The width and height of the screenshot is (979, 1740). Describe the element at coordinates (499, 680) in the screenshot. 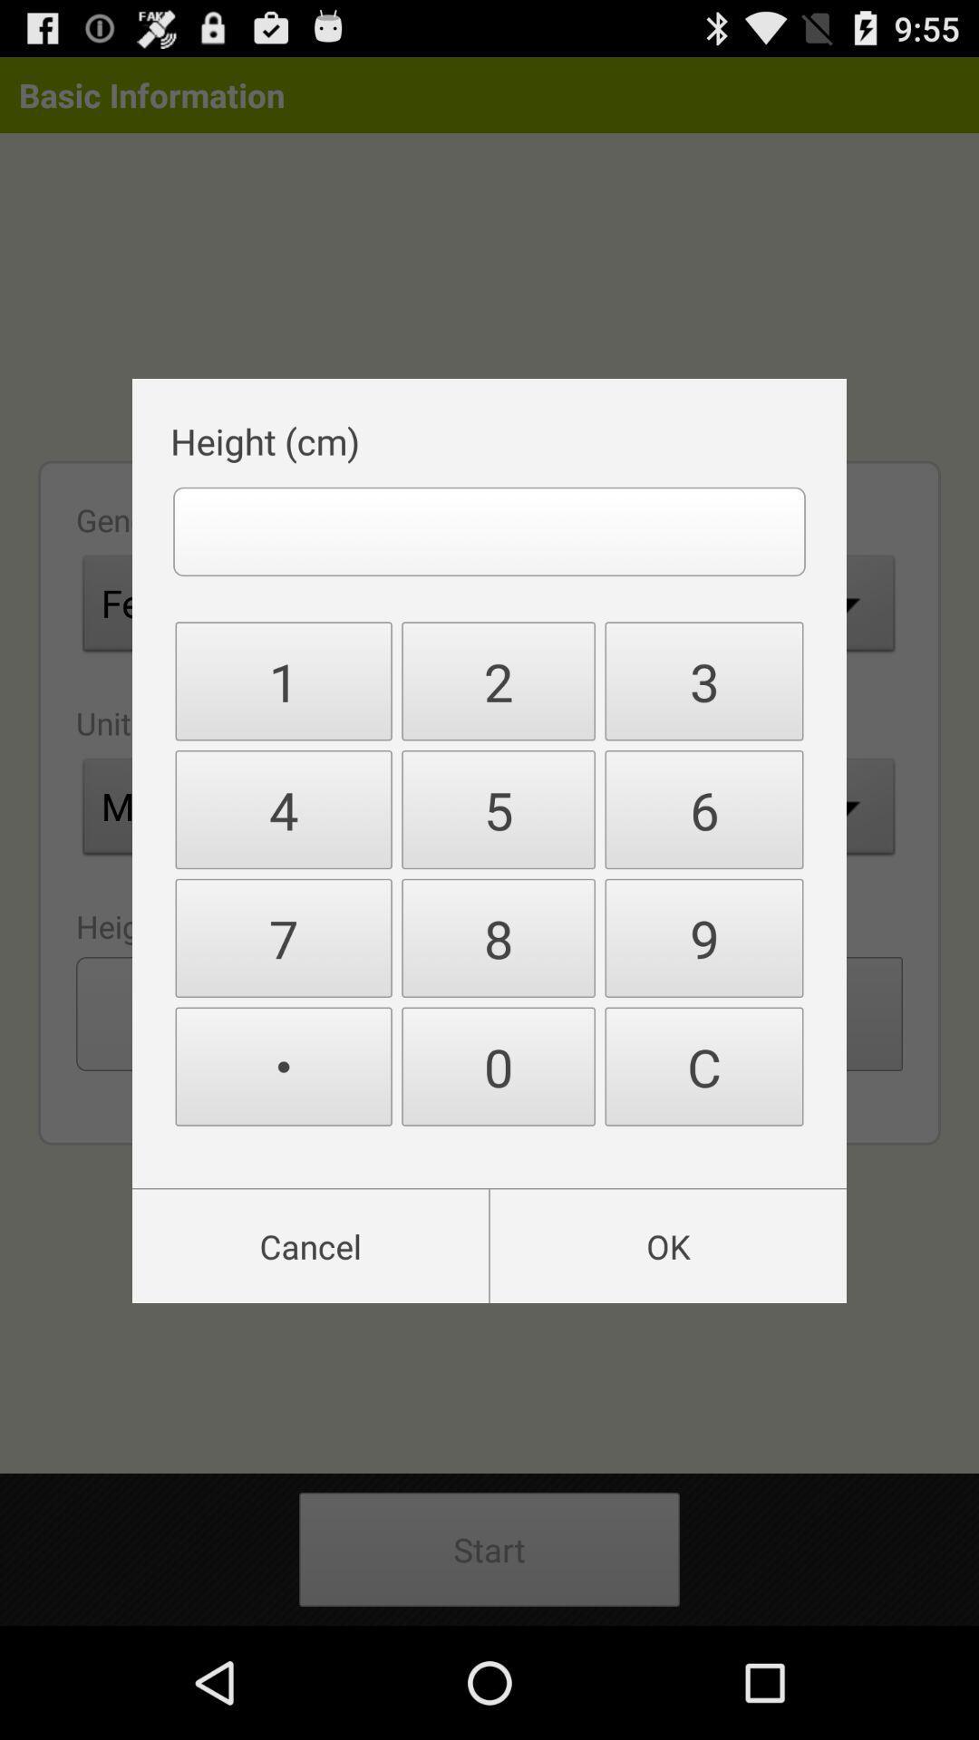

I see `the item above the 4` at that location.